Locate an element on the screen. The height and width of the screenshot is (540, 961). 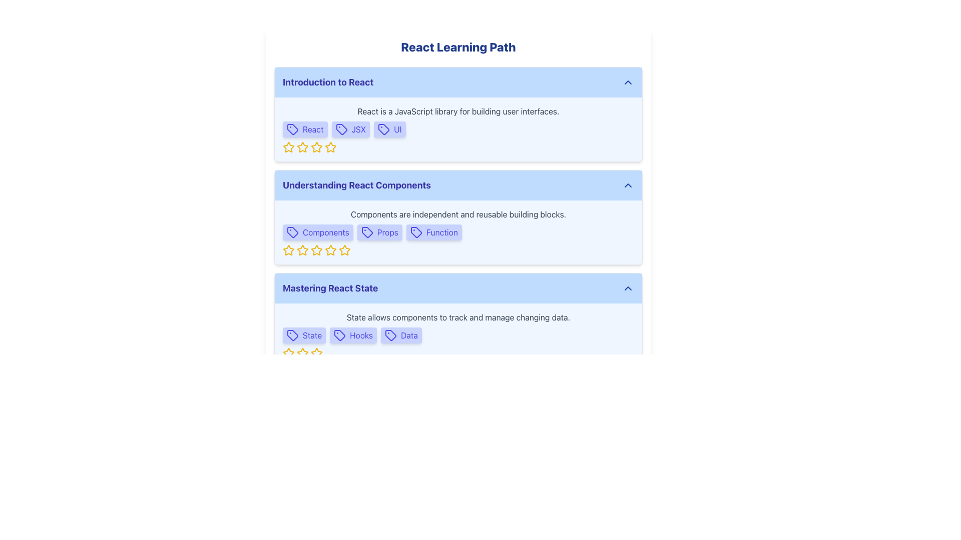
the first star icon in the horizontal group of five, located in the 'Mastering React State' section is located at coordinates (288, 352).